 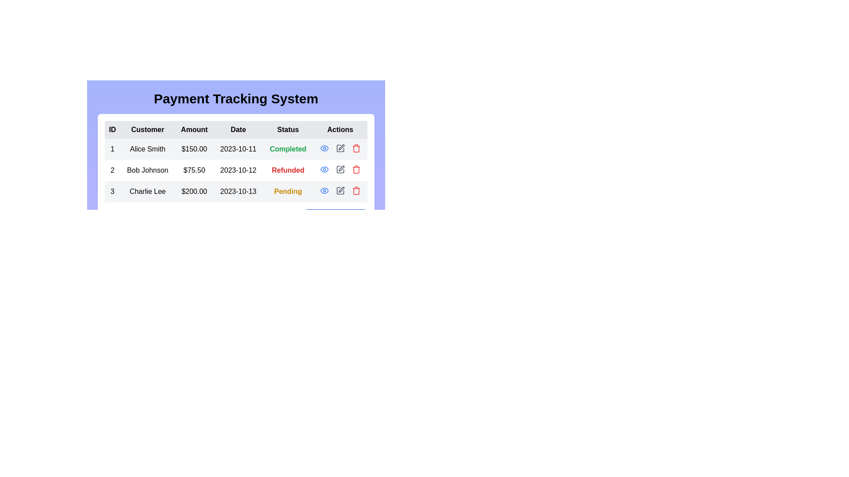 What do you see at coordinates (340, 190) in the screenshot?
I see `the group of interactive buttons located in the last row of the table under the 'Actions' column, positioned to the right of the 'Pending' status text` at bounding box center [340, 190].